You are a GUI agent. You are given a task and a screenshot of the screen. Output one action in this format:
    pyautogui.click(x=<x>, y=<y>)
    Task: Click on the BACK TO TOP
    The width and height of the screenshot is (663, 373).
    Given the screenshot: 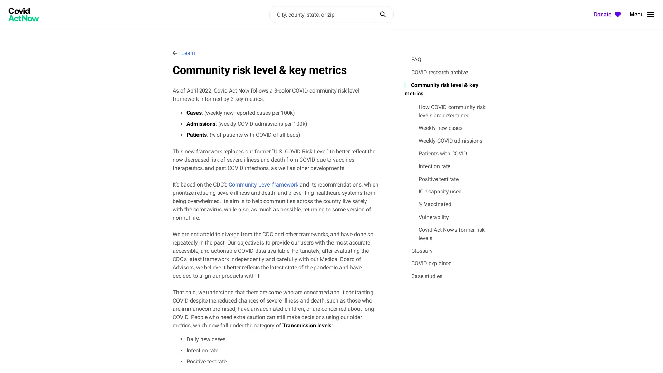 What is the action you would take?
    pyautogui.click(x=632, y=358)
    